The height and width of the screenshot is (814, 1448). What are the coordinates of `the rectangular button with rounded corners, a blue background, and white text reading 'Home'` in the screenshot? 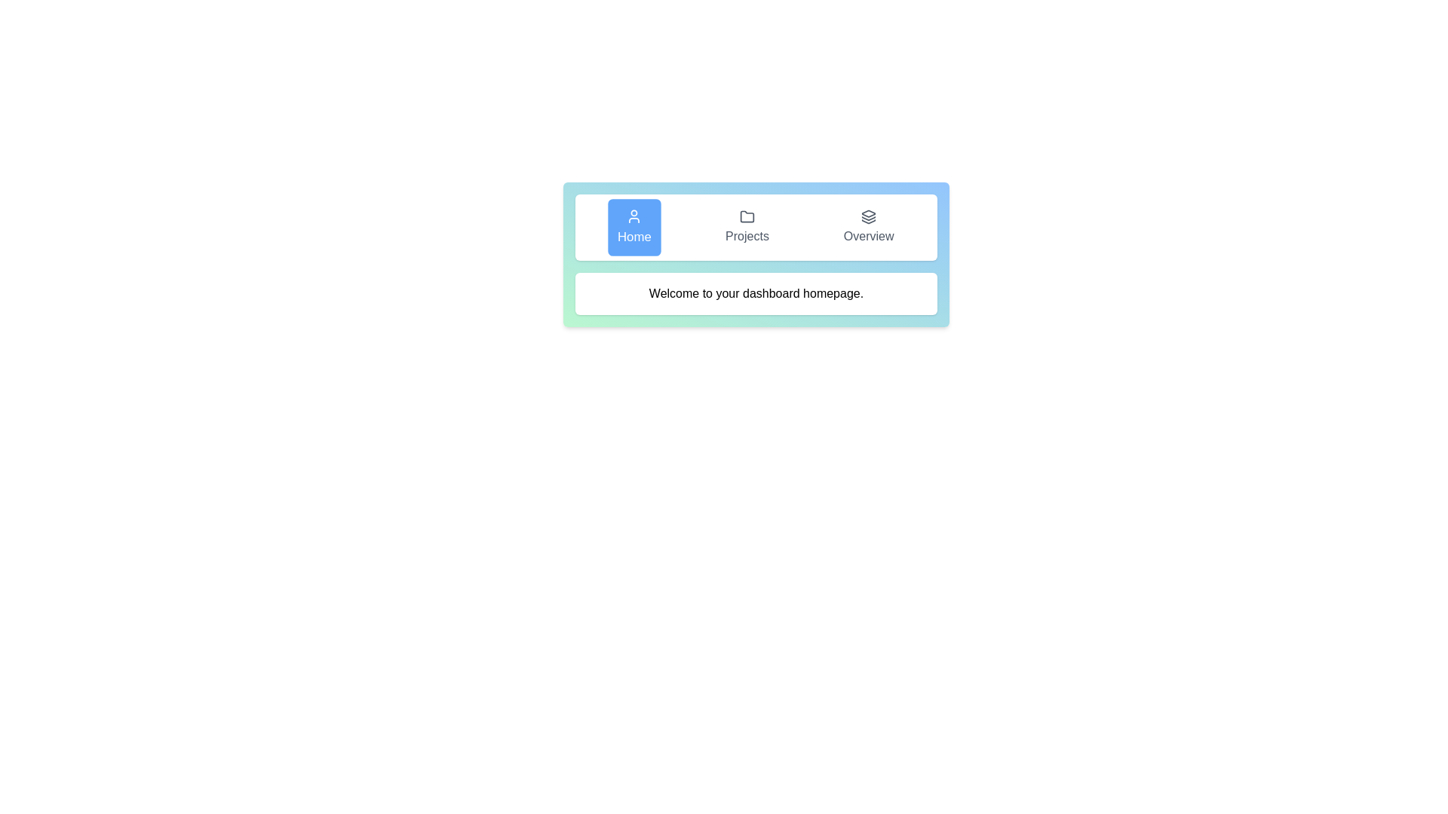 It's located at (634, 227).